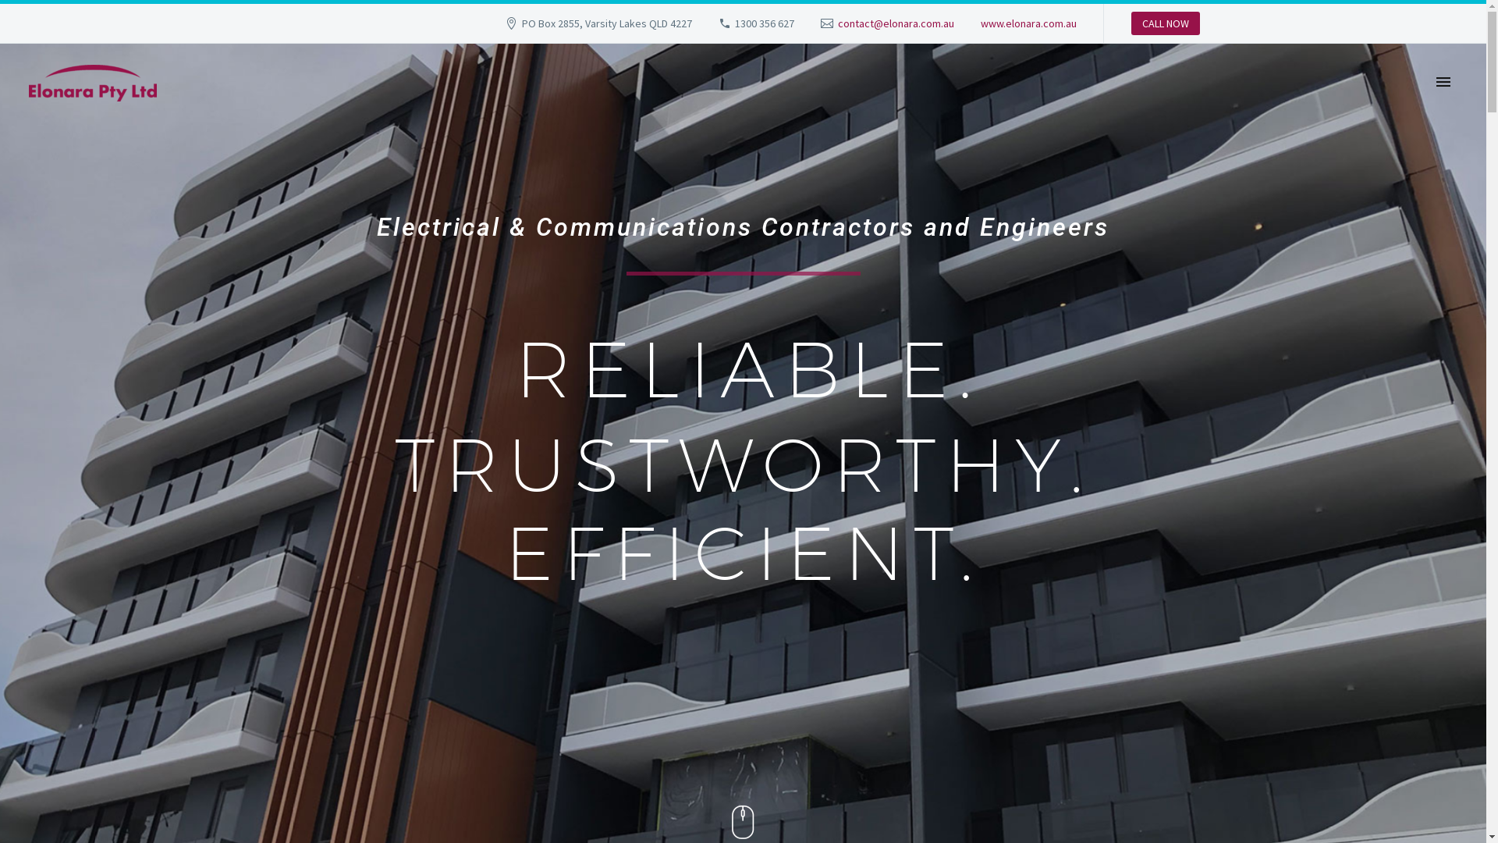 This screenshot has width=1498, height=843. What do you see at coordinates (1165, 23) in the screenshot?
I see `'CALL NOW'` at bounding box center [1165, 23].